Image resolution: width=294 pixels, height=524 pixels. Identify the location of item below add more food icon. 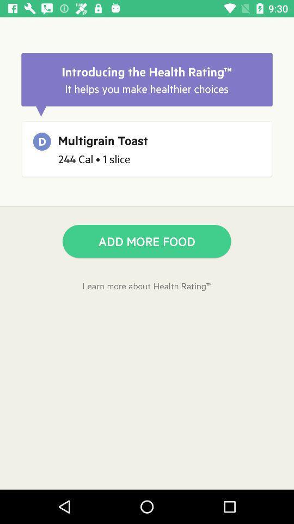
(147, 285).